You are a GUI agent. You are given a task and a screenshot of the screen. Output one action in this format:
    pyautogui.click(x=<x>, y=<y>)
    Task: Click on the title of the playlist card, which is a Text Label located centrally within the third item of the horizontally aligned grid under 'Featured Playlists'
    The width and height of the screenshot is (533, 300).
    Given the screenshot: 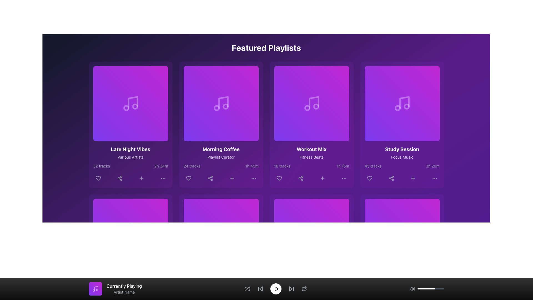 What is the action you would take?
    pyautogui.click(x=311, y=149)
    